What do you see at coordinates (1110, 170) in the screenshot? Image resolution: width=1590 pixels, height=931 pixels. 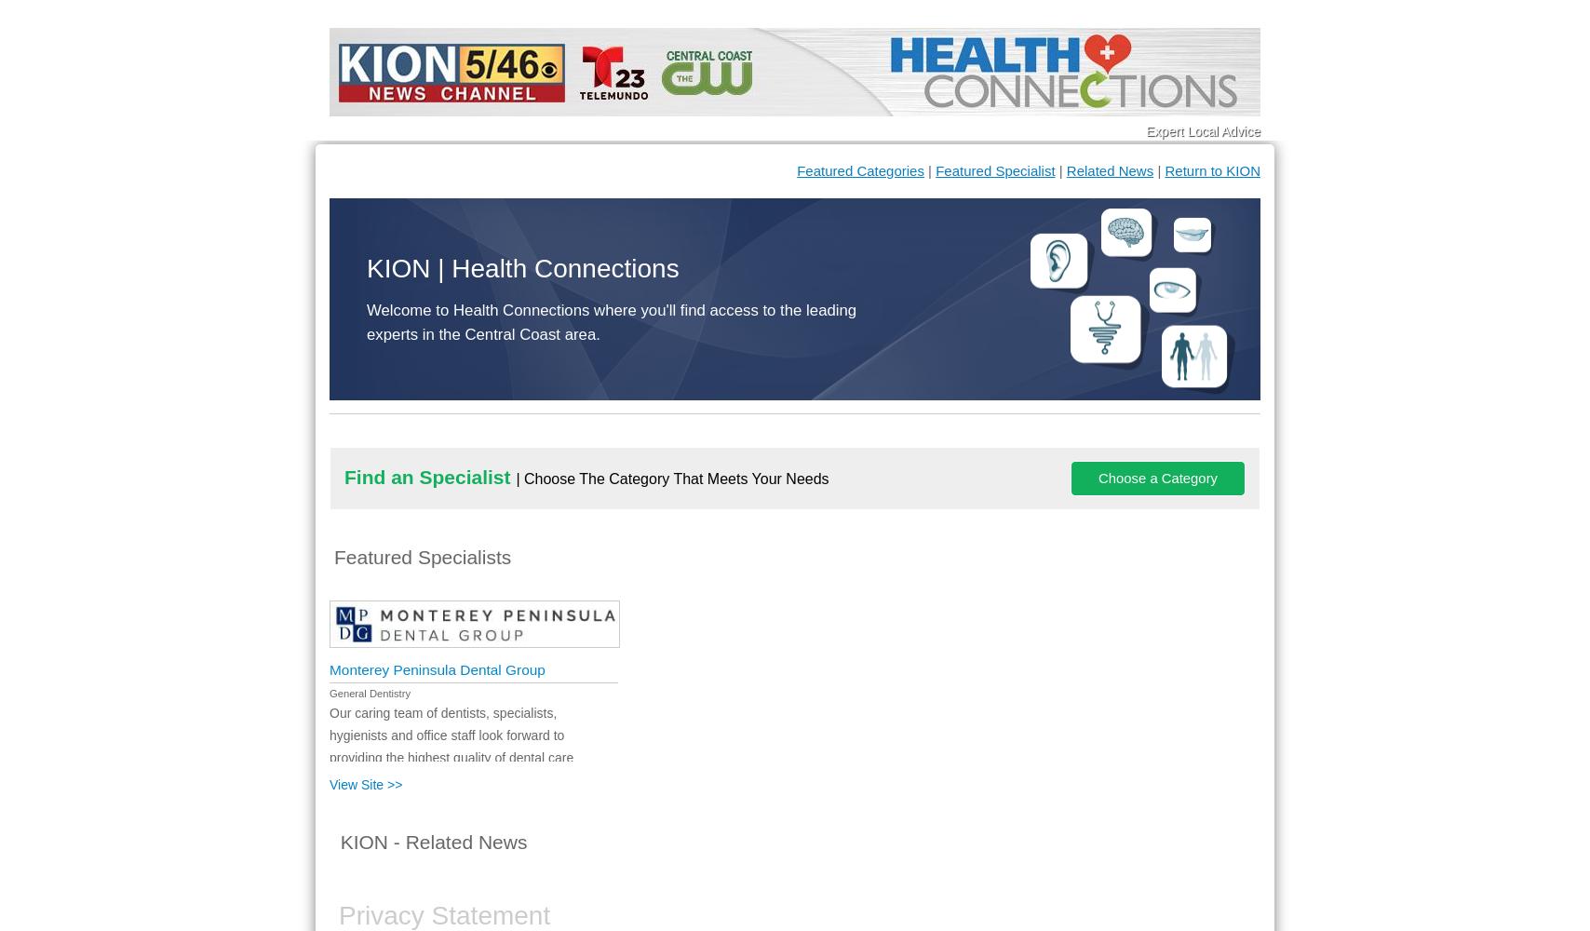 I see `'Related News'` at bounding box center [1110, 170].